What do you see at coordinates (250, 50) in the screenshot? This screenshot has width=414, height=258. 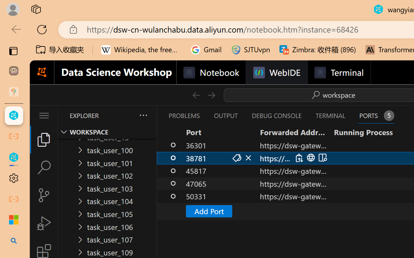 I see `'SJTUvpn'` at bounding box center [250, 50].